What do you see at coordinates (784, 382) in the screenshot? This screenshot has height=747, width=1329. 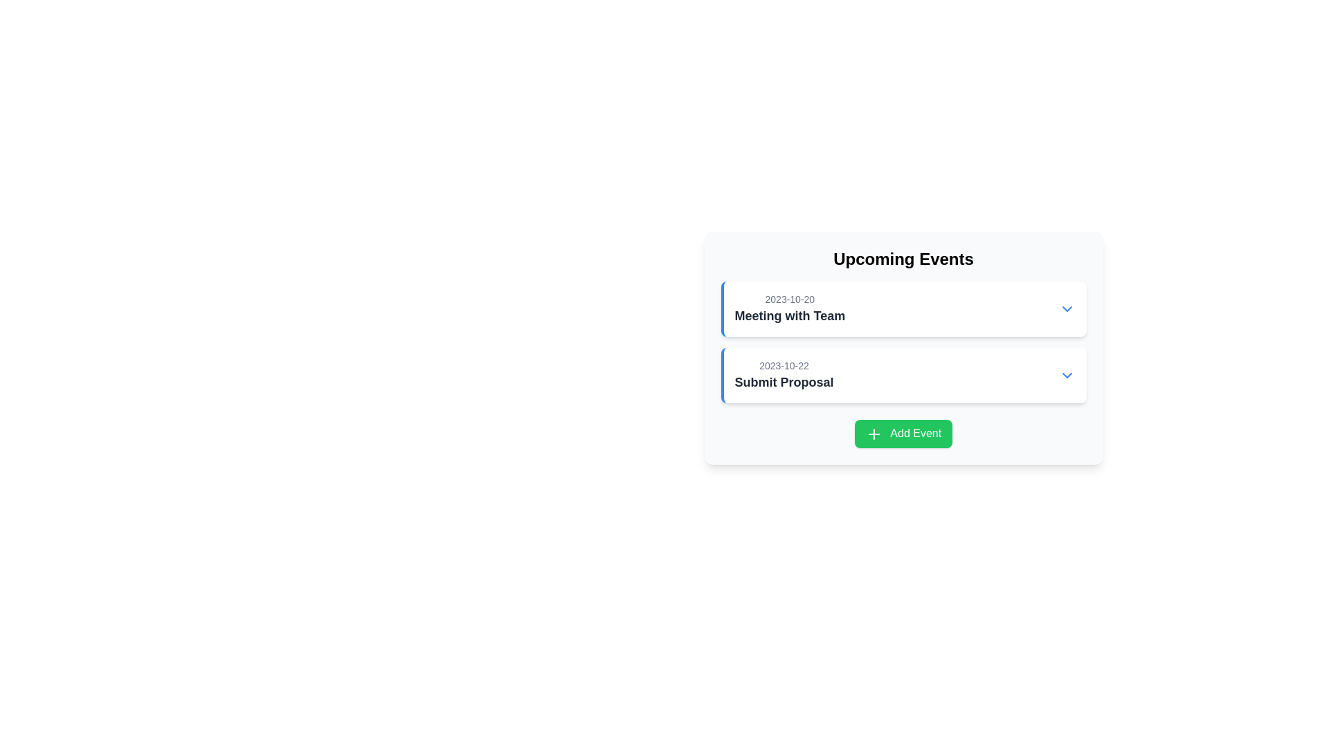 I see `the text label that says 'Submit Proposal', which is a bold and emphasized element located below the date '2023-10-22' in the second card of the 'Upcoming Events' section` at bounding box center [784, 382].